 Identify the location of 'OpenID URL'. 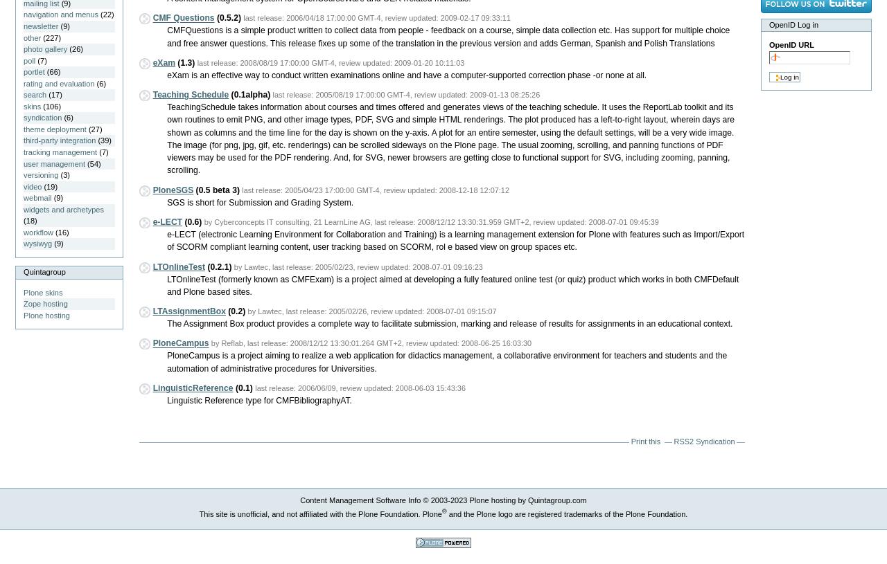
(791, 44).